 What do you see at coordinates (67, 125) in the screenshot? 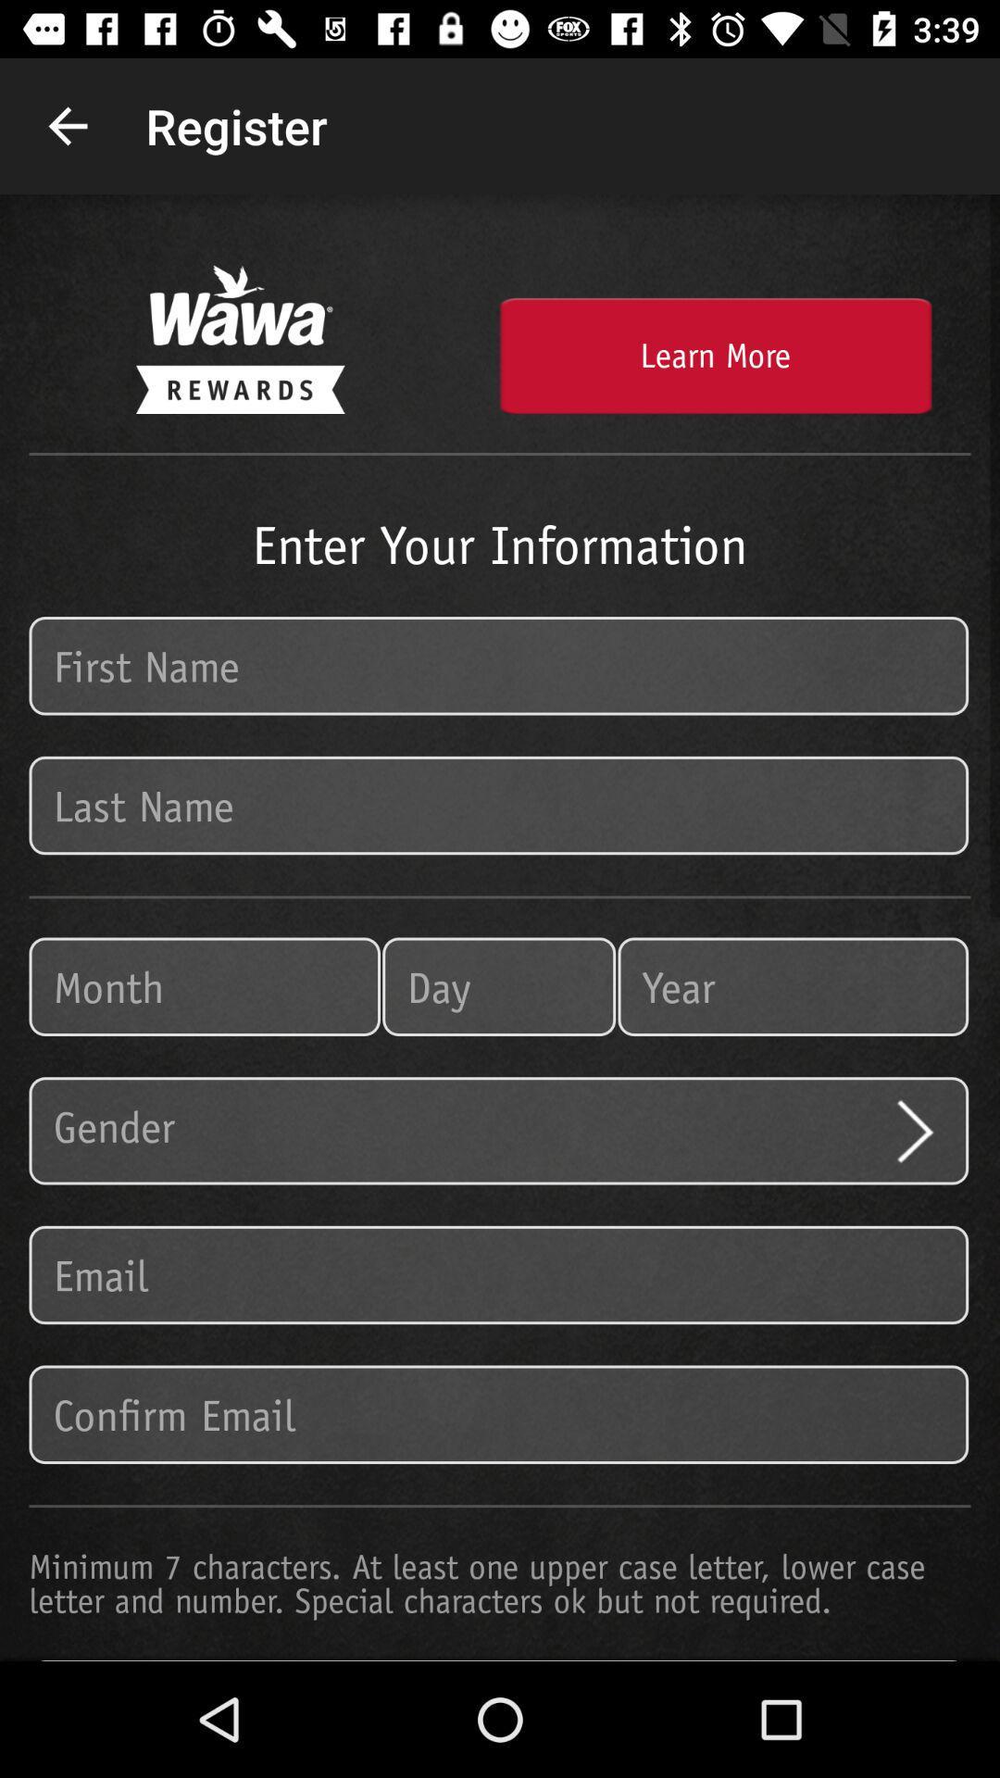
I see `icon next to the register item` at bounding box center [67, 125].